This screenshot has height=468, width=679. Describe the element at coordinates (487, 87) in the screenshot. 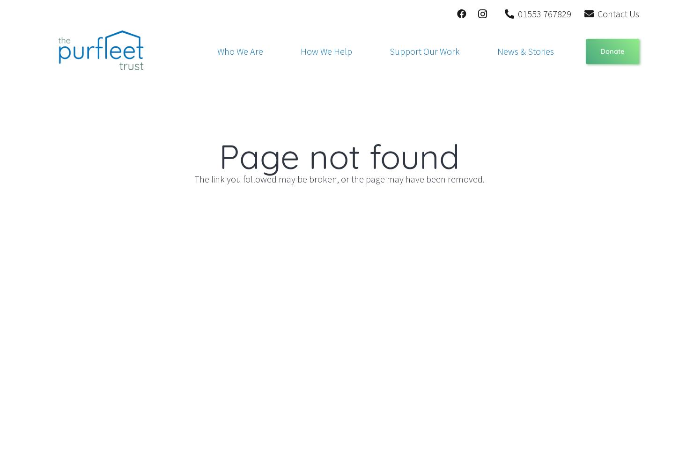

I see `'News & Blog'` at that location.